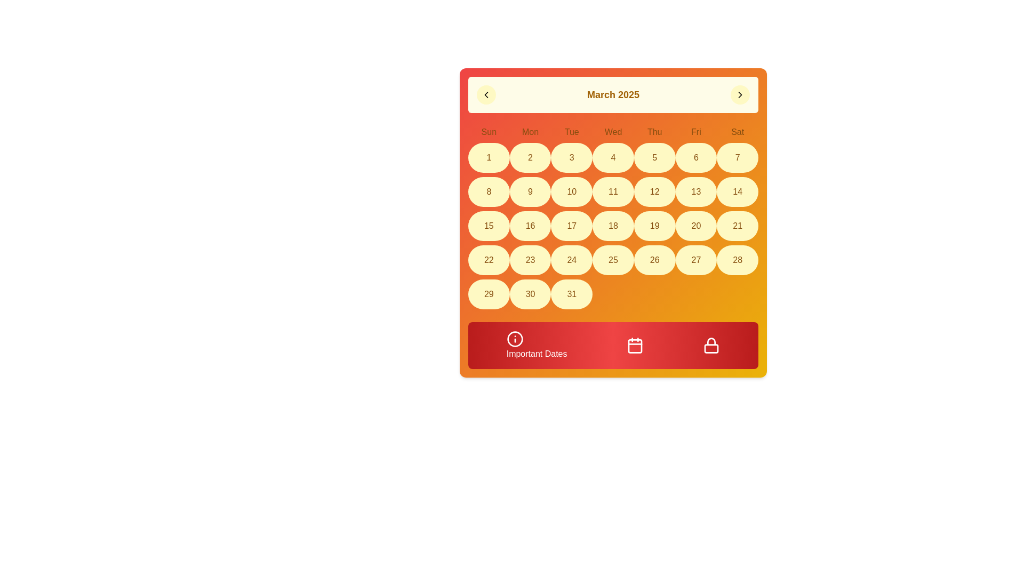 The height and width of the screenshot is (576, 1024). I want to click on the selectable calendar day button representing the 22nd day, located in the first column of the fifth row (Sunday) in the calendar grid, so click(488, 260).